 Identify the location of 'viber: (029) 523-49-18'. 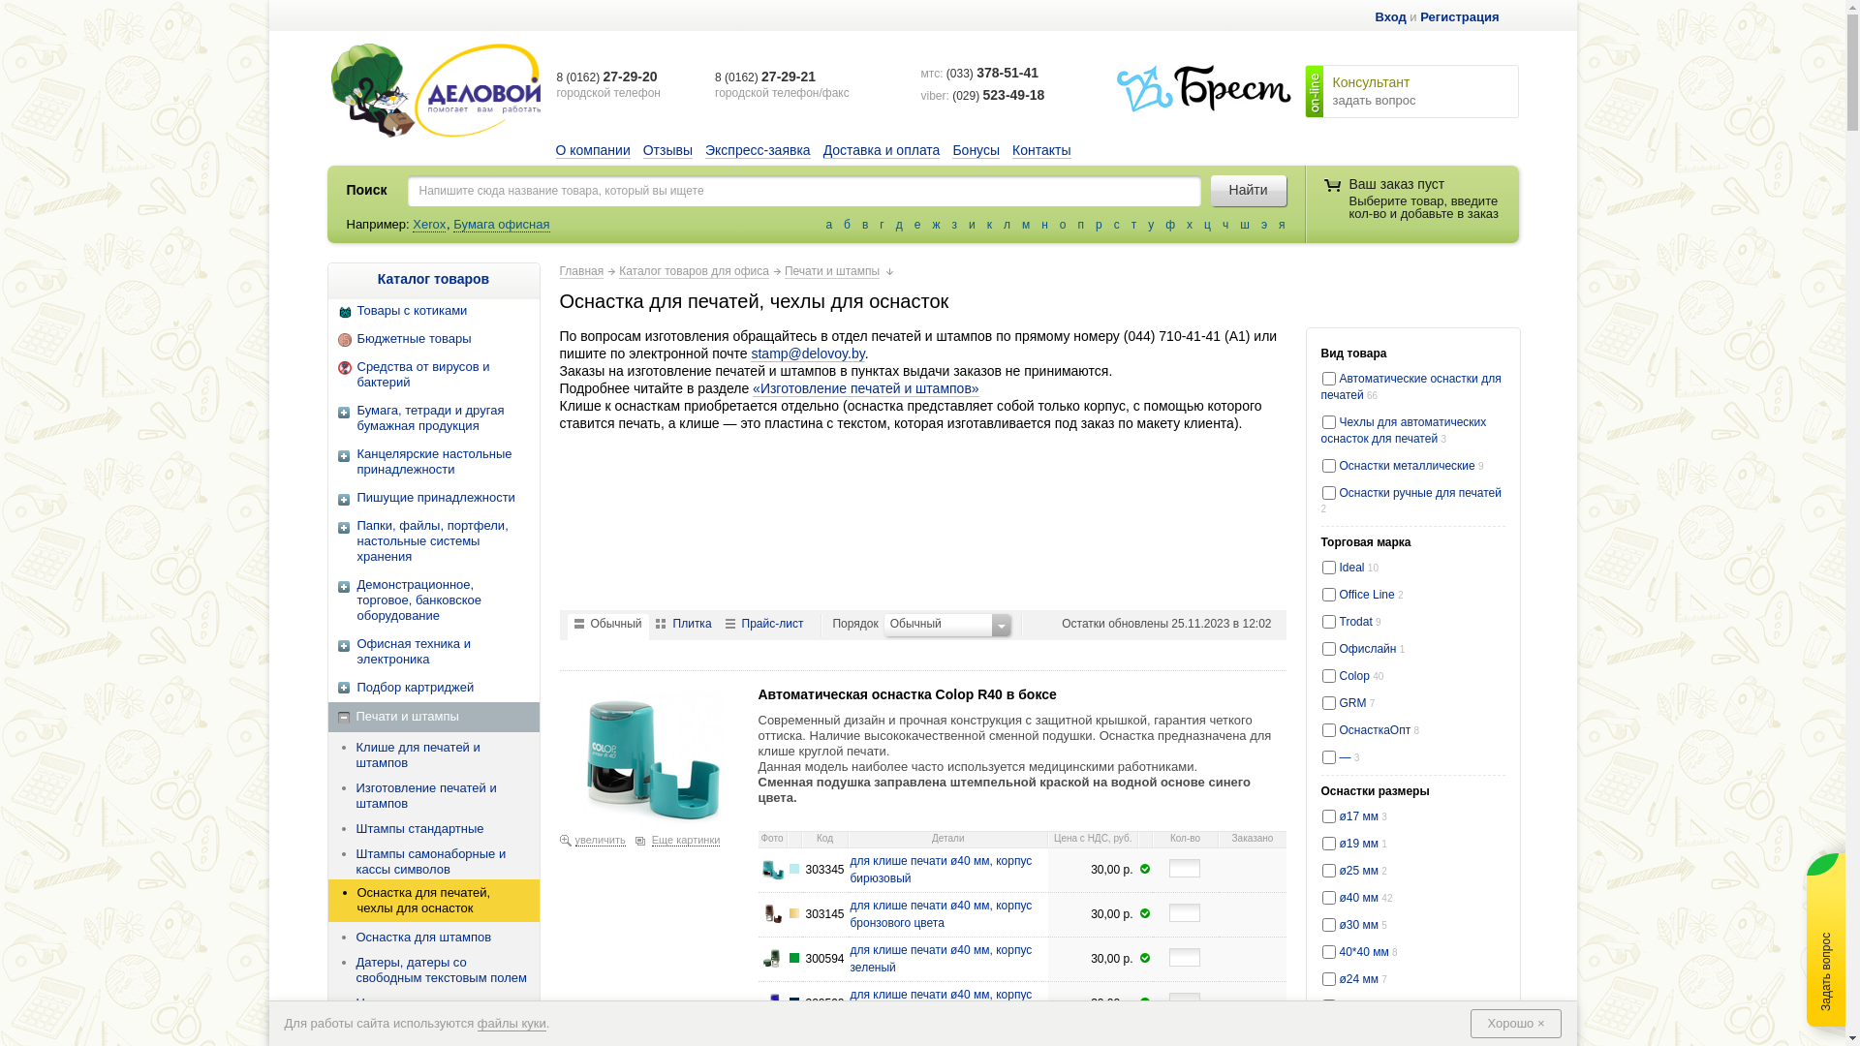
(919, 96).